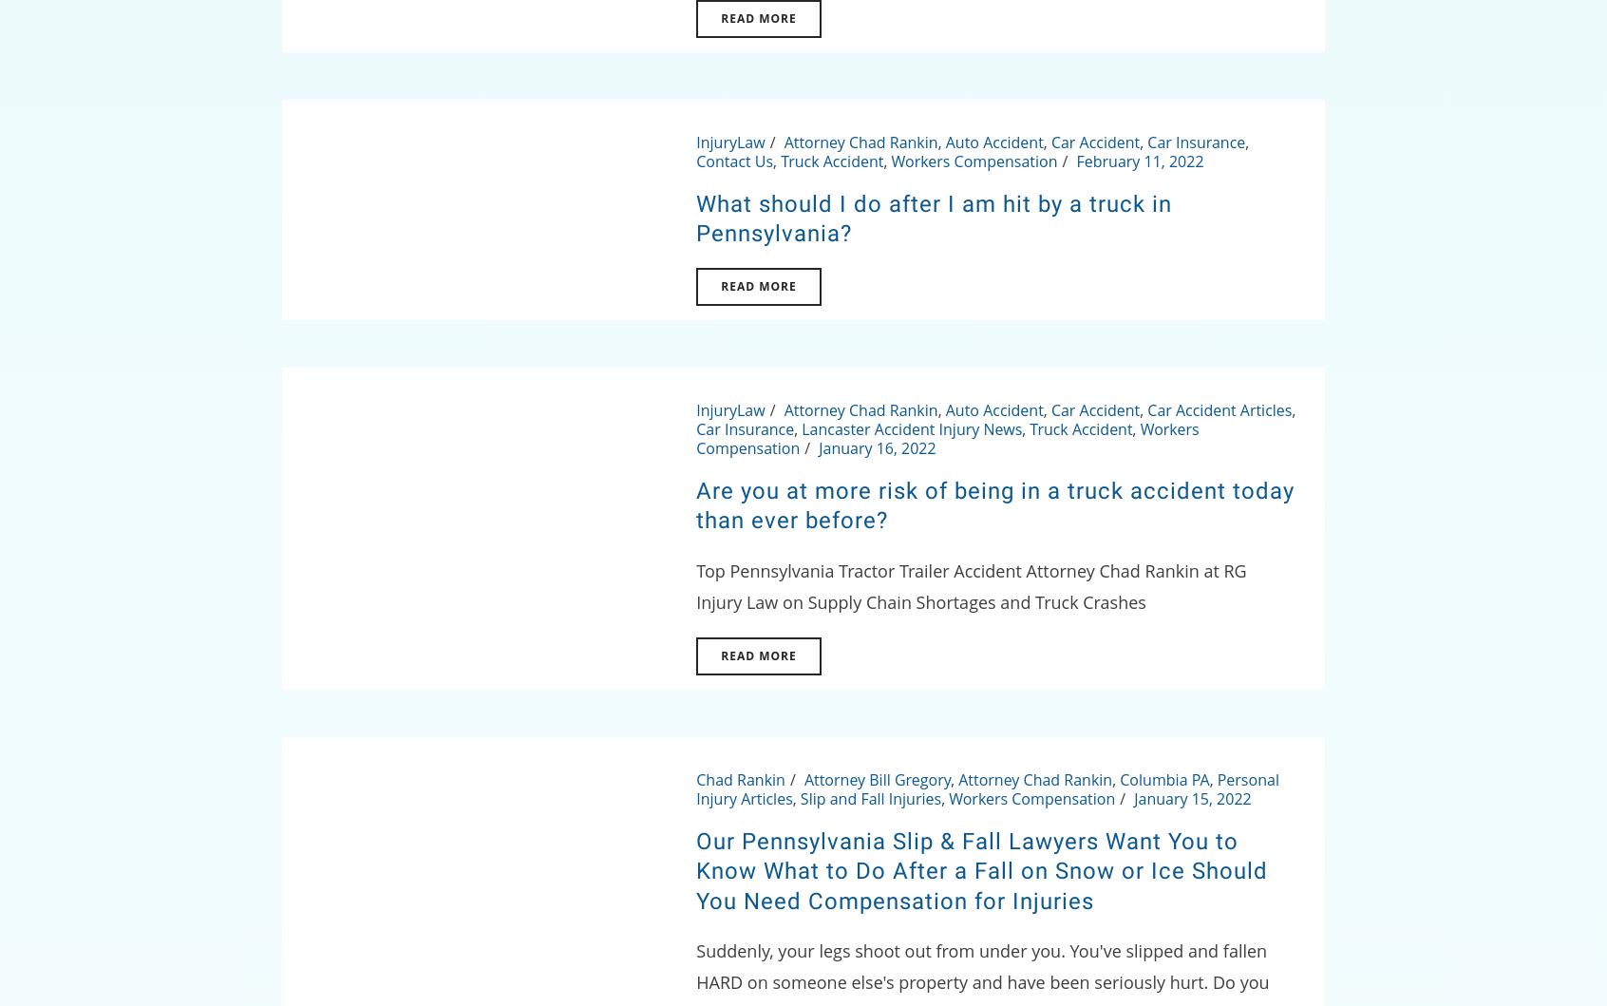 The width and height of the screenshot is (1607, 1006). What do you see at coordinates (801, 428) in the screenshot?
I see `'Lancaster Accident Injury News'` at bounding box center [801, 428].